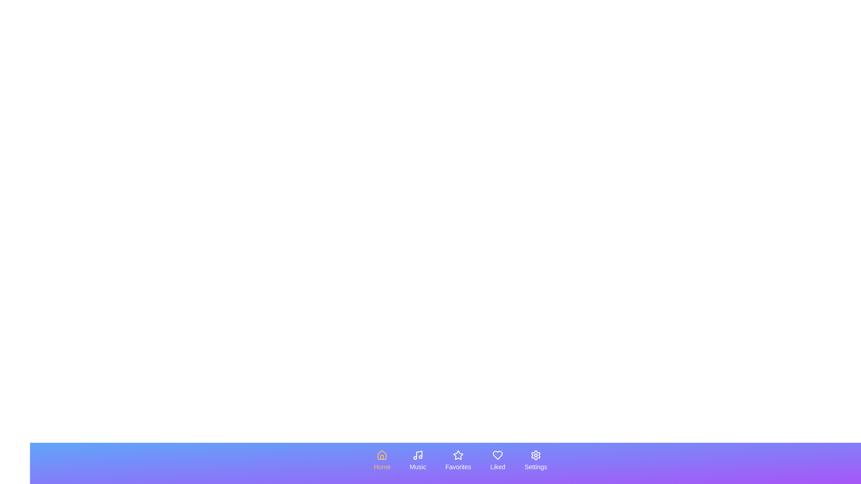  Describe the element at coordinates (417, 461) in the screenshot. I see `the tab item labeled Music to observe its hover effect` at that location.